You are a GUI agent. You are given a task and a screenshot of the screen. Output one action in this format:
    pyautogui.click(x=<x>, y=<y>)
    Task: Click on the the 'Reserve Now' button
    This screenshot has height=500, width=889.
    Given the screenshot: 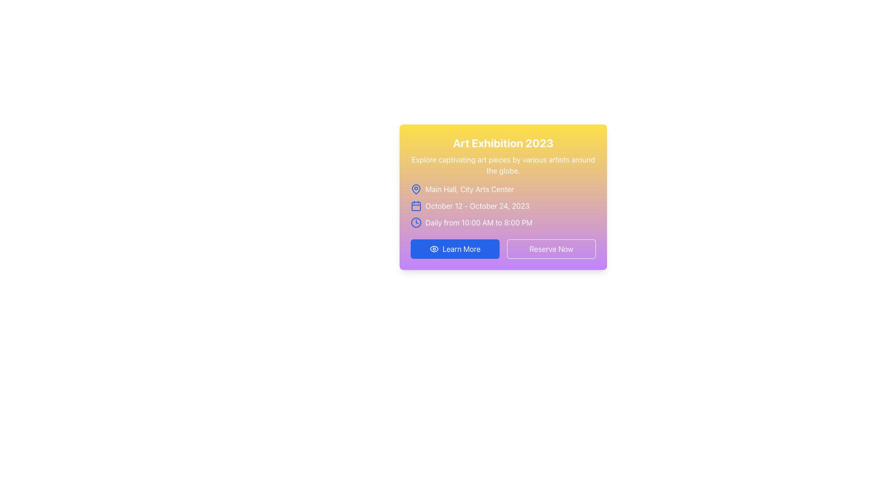 What is the action you would take?
    pyautogui.click(x=551, y=248)
    